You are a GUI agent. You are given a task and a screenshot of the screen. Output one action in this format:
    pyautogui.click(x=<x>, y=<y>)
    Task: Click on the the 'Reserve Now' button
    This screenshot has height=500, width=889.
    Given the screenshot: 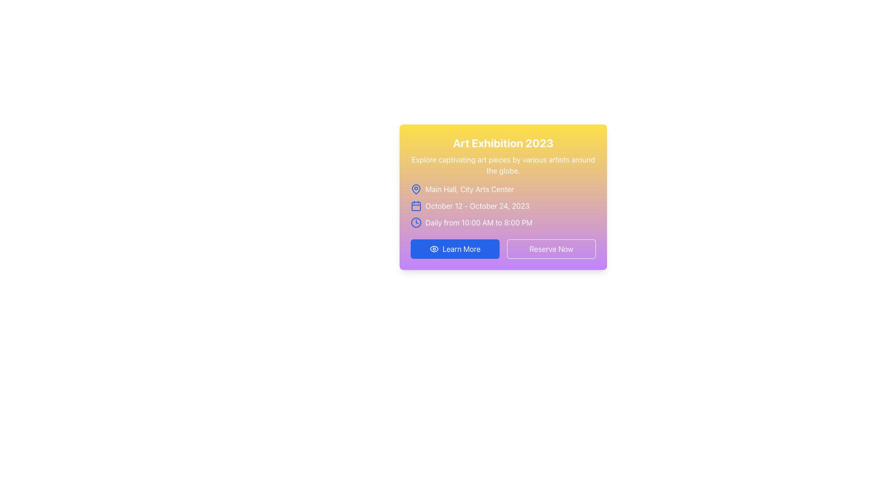 What is the action you would take?
    pyautogui.click(x=551, y=248)
    